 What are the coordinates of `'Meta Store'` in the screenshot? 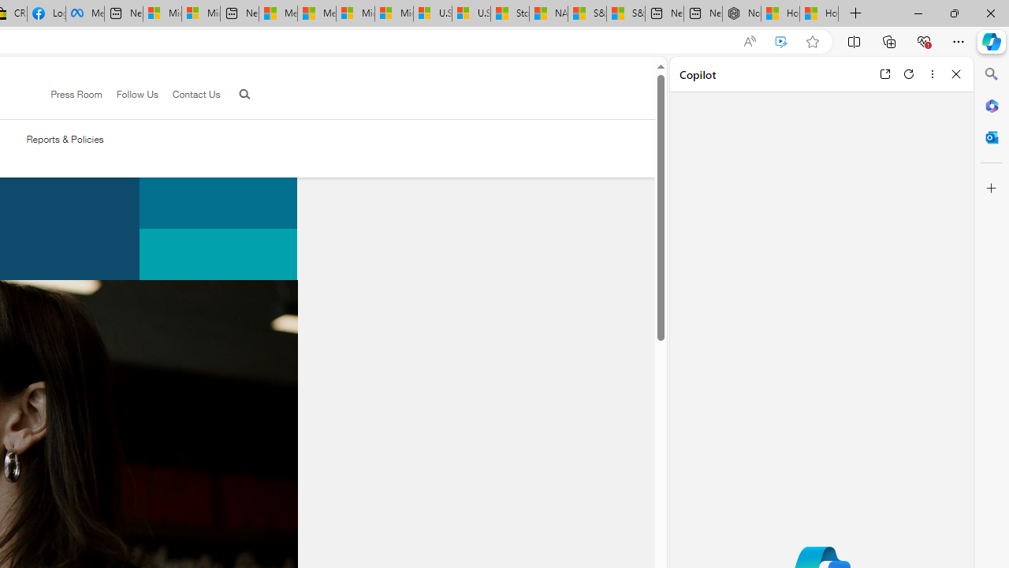 It's located at (84, 13).